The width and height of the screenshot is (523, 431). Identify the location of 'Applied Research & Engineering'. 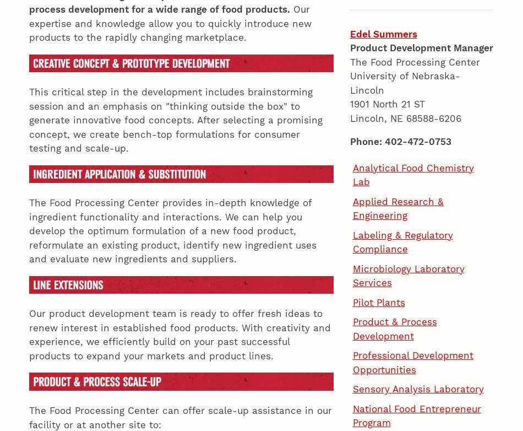
(352, 35).